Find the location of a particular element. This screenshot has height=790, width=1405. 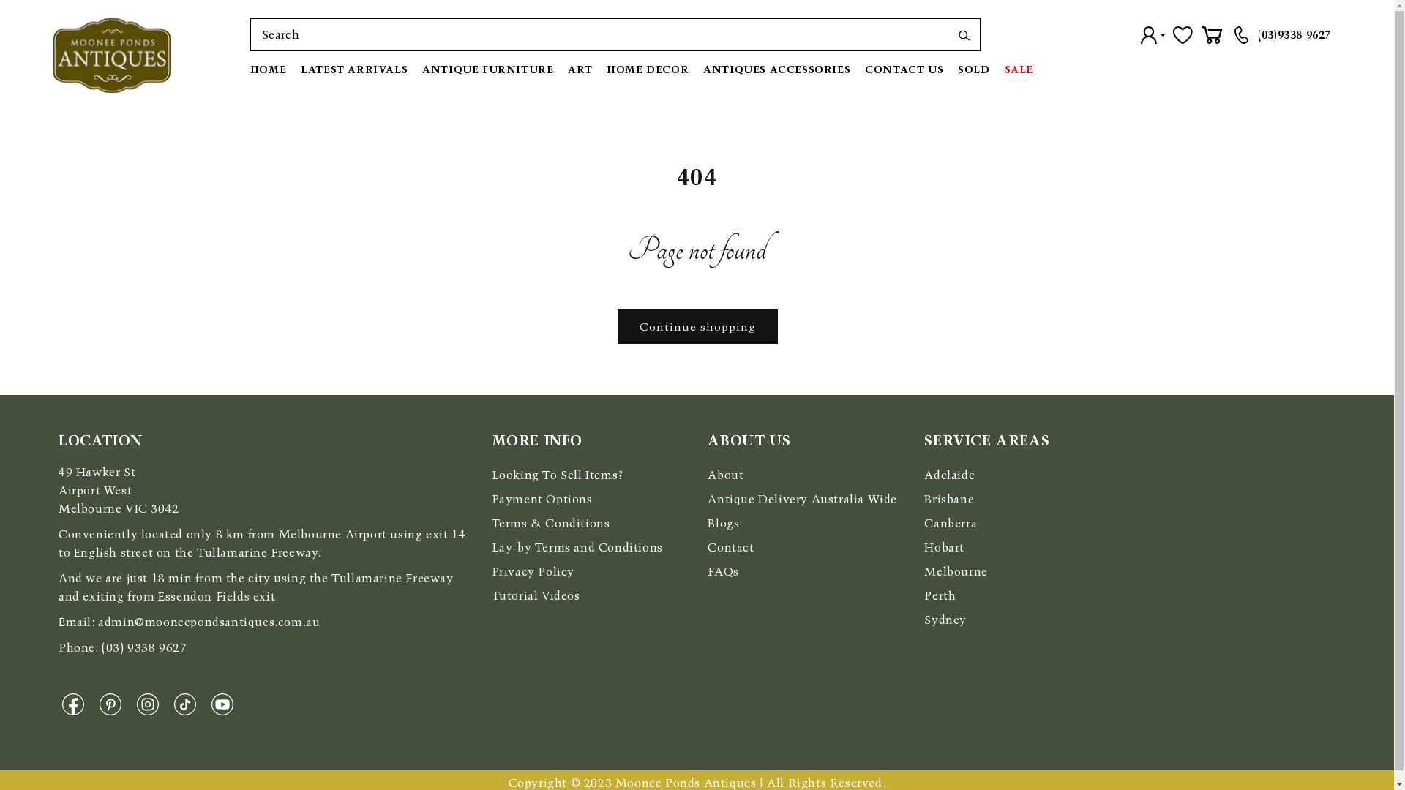

'Antique Delivery Australia Wide' is located at coordinates (707, 498).